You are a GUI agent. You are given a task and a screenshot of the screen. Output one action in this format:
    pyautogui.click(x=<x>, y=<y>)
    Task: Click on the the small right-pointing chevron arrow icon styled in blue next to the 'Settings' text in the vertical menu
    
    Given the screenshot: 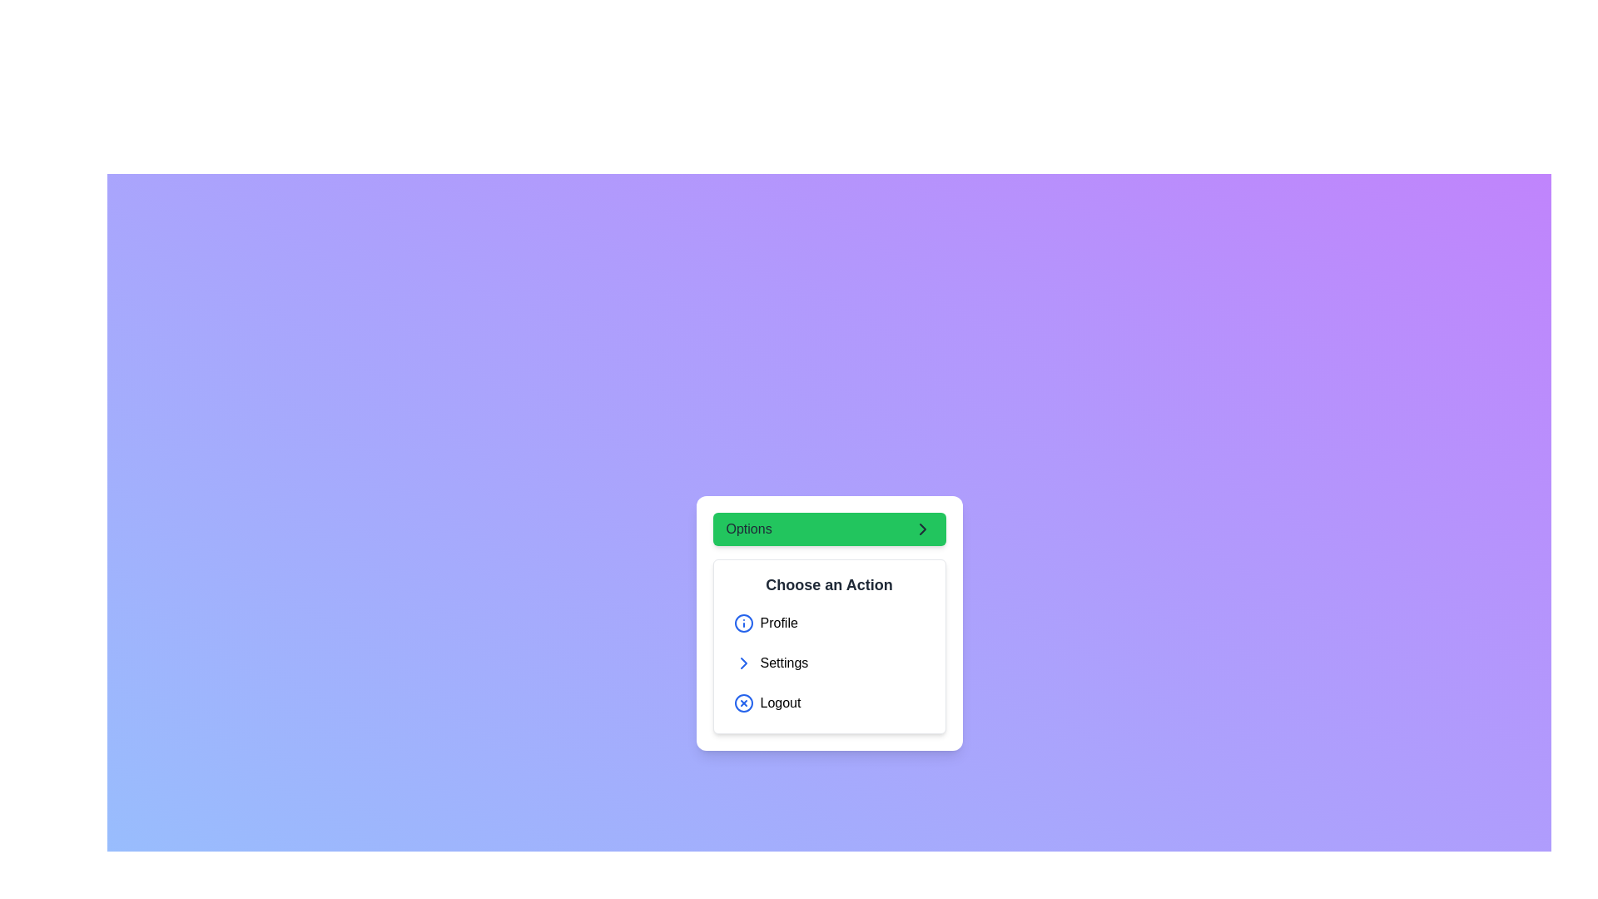 What is the action you would take?
    pyautogui.click(x=742, y=663)
    